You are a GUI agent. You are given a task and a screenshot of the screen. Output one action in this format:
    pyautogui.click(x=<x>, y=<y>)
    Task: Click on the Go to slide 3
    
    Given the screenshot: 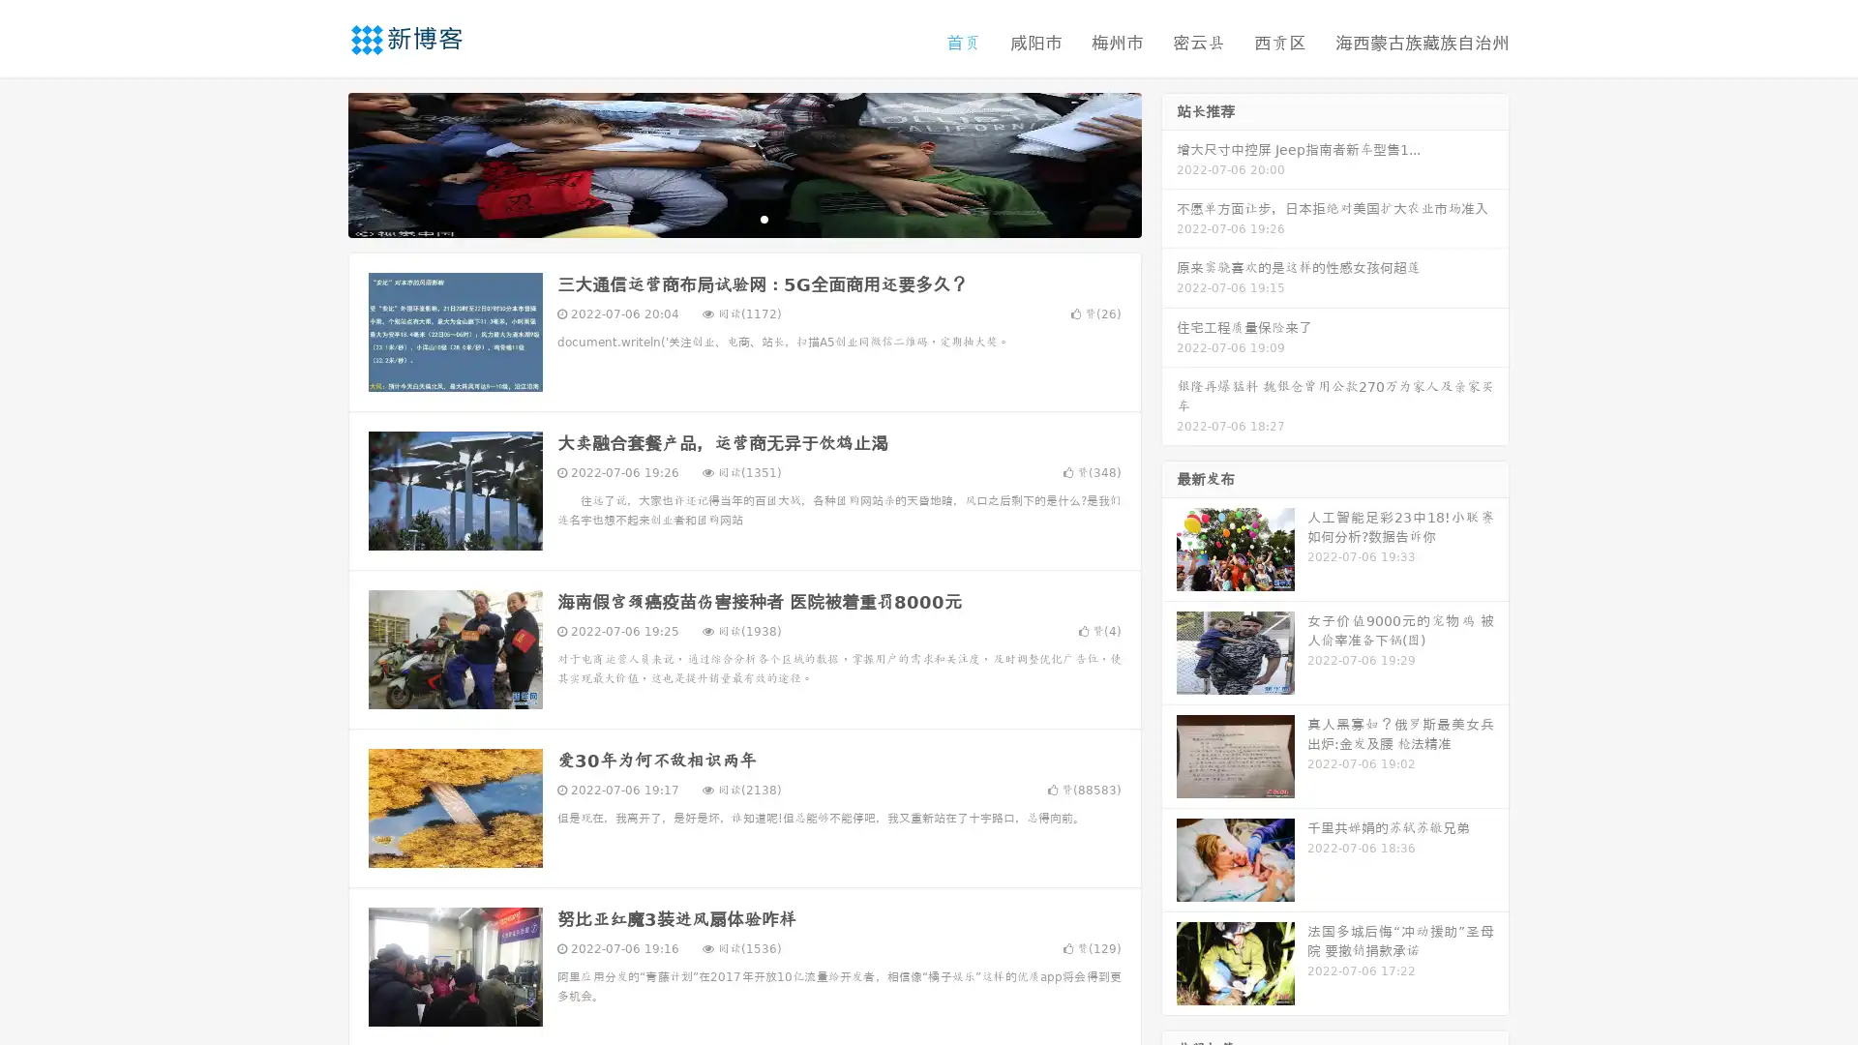 What is the action you would take?
    pyautogui.click(x=764, y=218)
    